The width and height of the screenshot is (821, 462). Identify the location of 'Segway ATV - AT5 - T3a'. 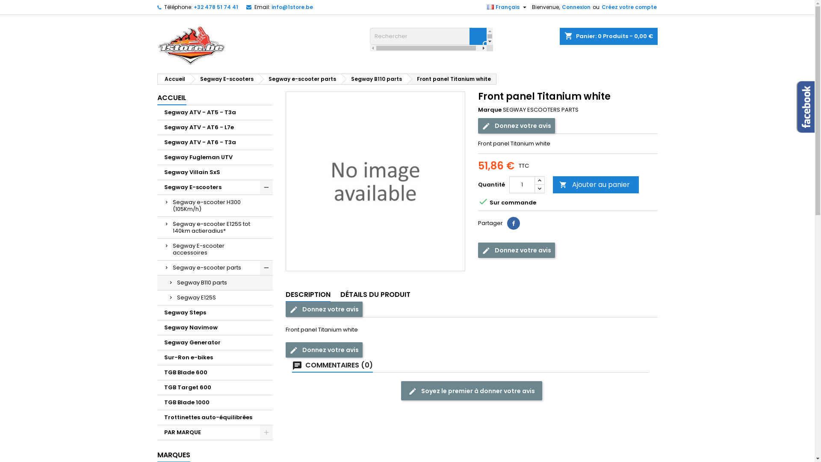
(215, 112).